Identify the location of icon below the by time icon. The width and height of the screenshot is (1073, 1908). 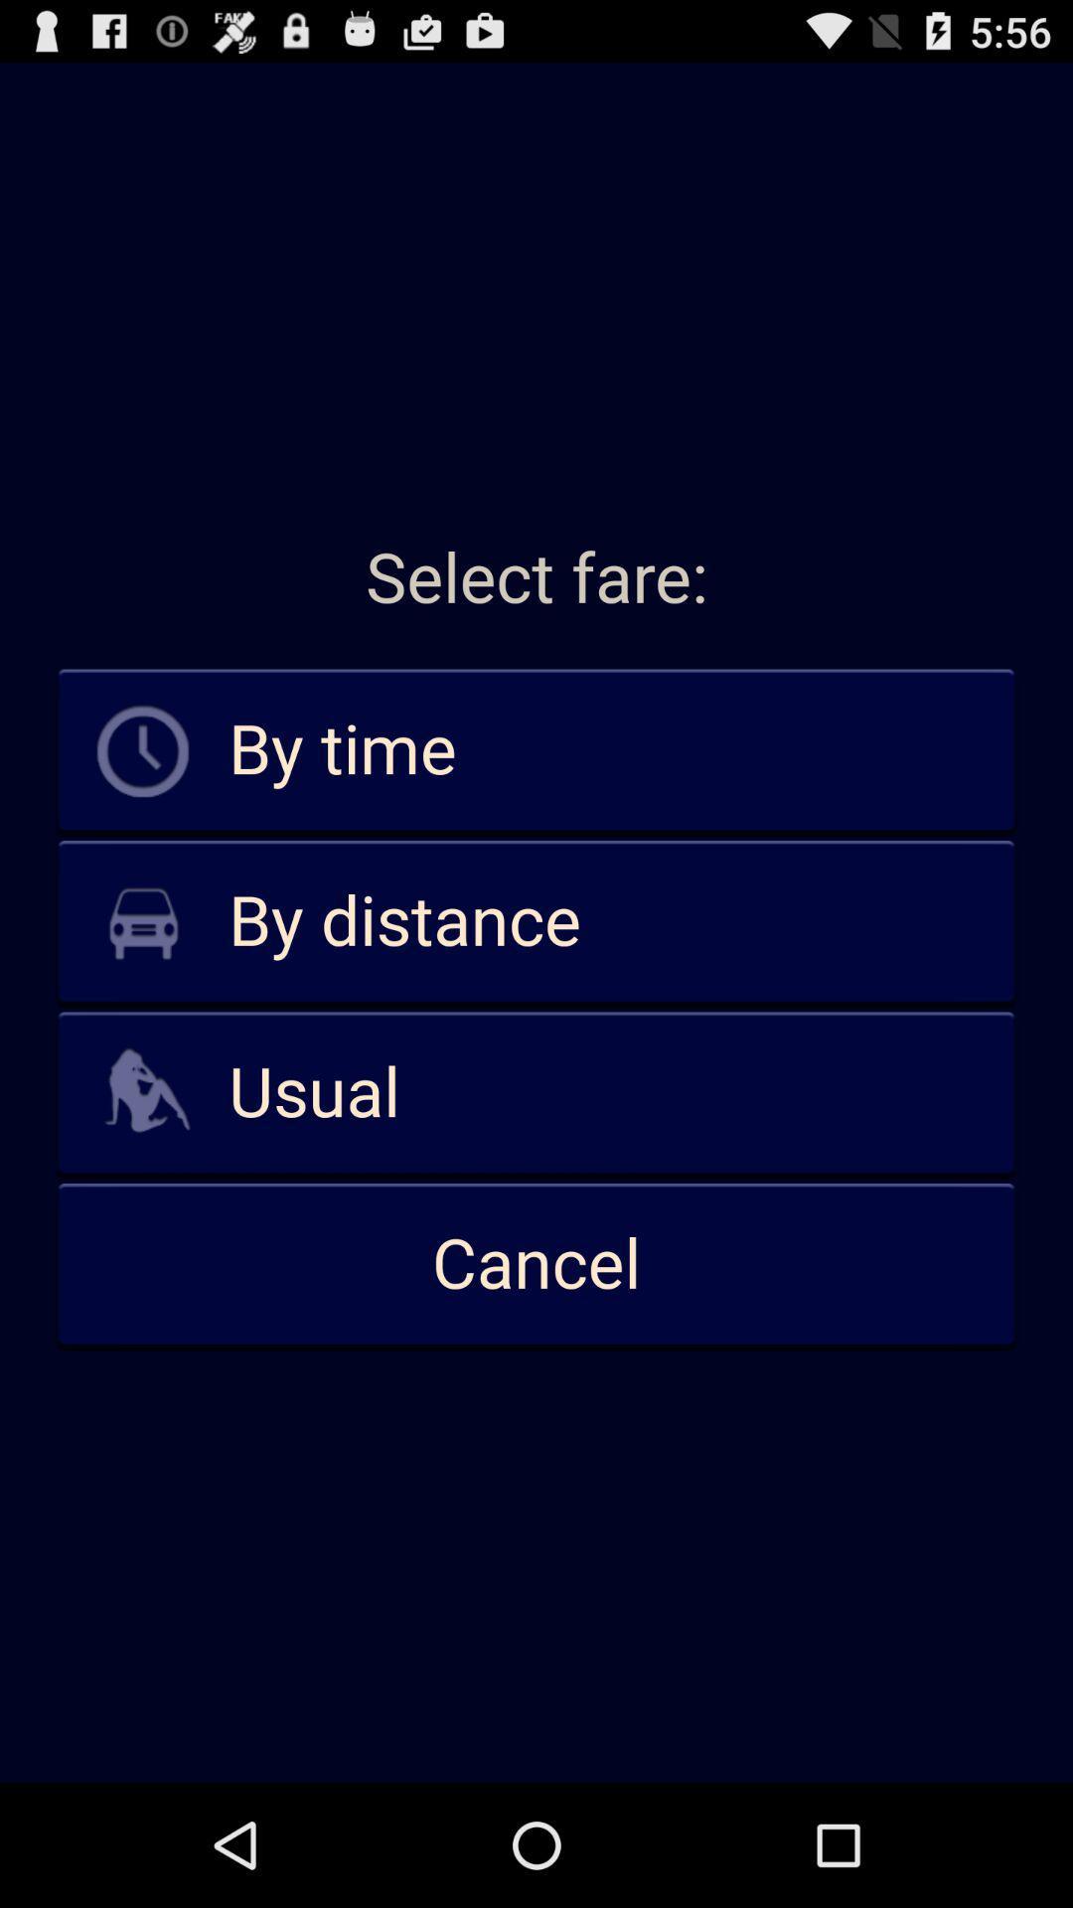
(536, 921).